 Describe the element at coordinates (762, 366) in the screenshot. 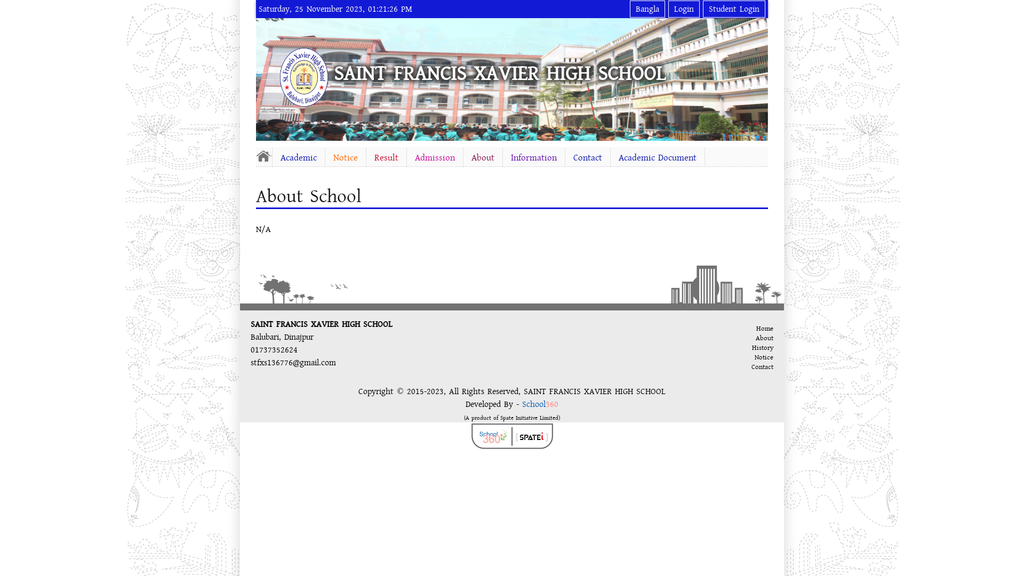

I see `'Contact'` at that location.